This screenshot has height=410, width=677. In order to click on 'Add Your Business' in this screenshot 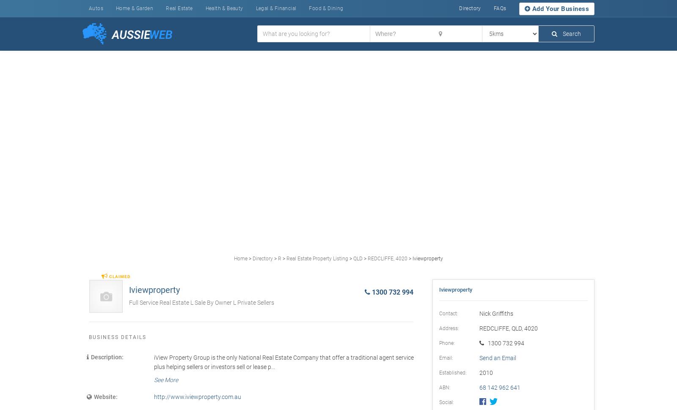, I will do `click(559, 8)`.